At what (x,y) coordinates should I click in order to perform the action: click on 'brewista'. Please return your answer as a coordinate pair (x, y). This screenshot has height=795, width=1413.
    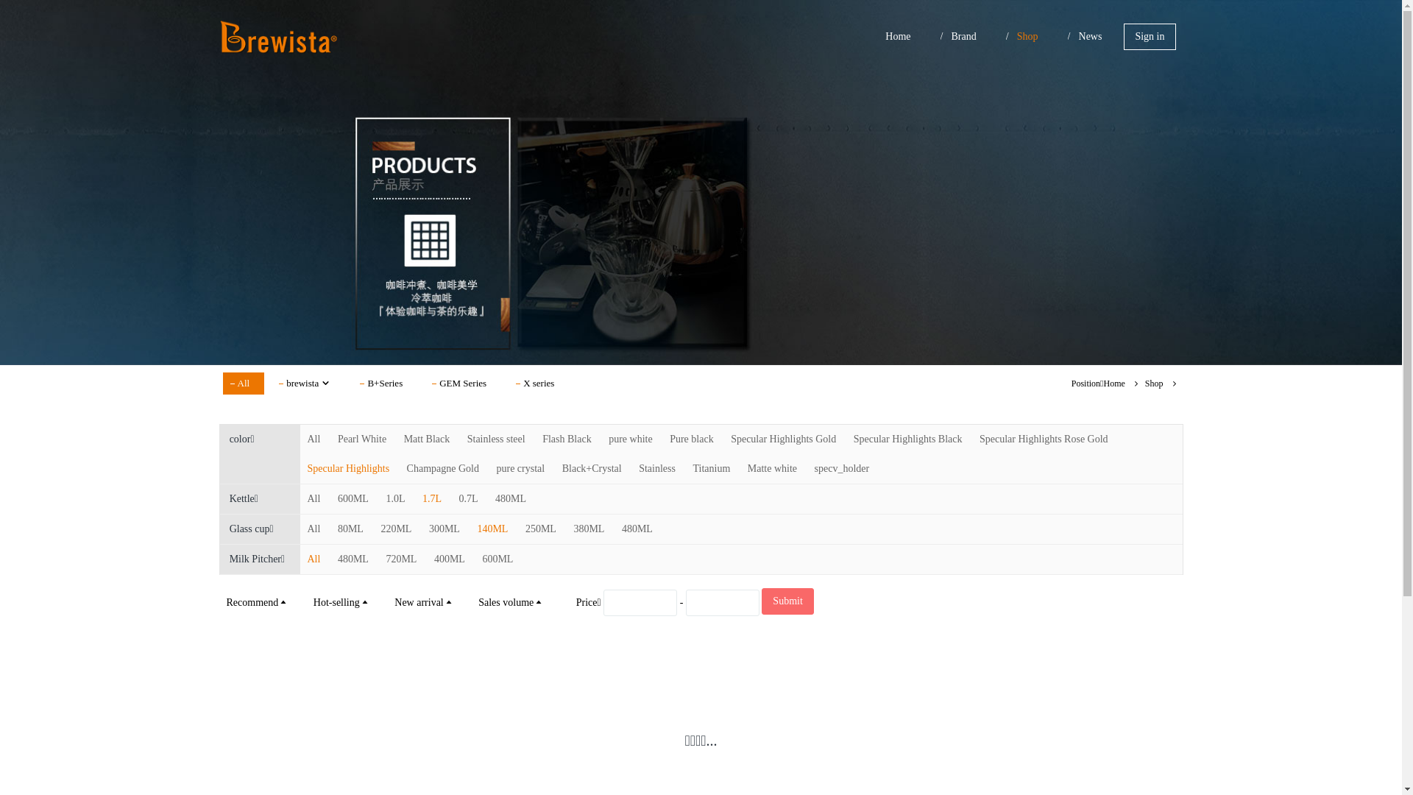
    Looking at the image, I should click on (307, 382).